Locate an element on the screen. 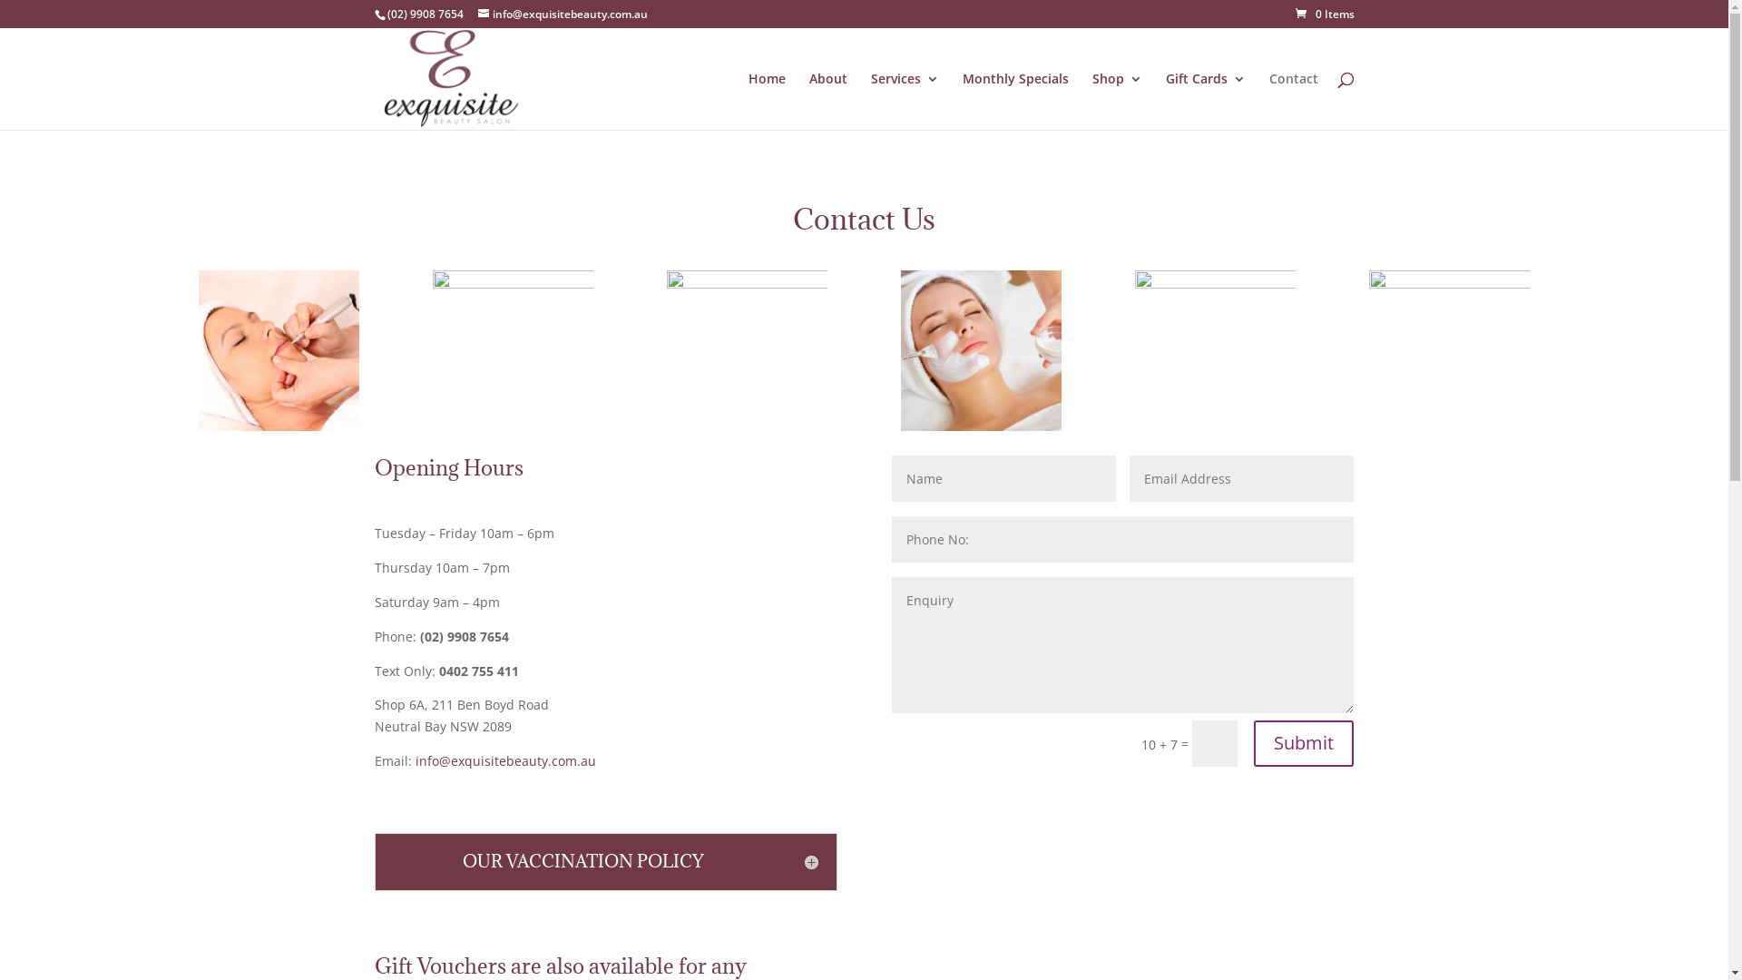 Image resolution: width=1742 pixels, height=980 pixels. 'Home' is located at coordinates (766, 101).